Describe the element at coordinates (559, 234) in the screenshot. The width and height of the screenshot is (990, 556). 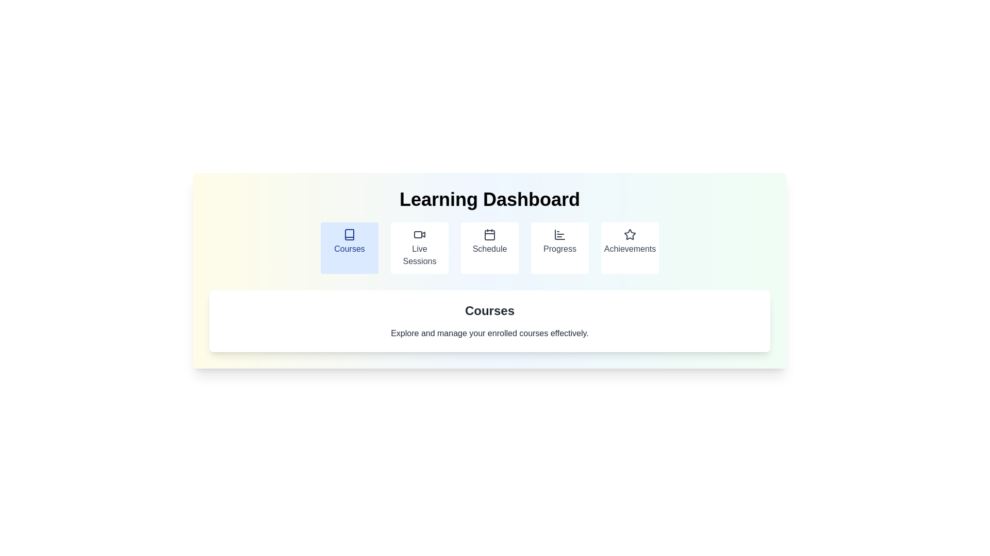
I see `the SVG bar chart icon located within the fourth box from the left under the 'Learning Dashboard' heading, which is vertically centered above the 'Progress' label` at that location.